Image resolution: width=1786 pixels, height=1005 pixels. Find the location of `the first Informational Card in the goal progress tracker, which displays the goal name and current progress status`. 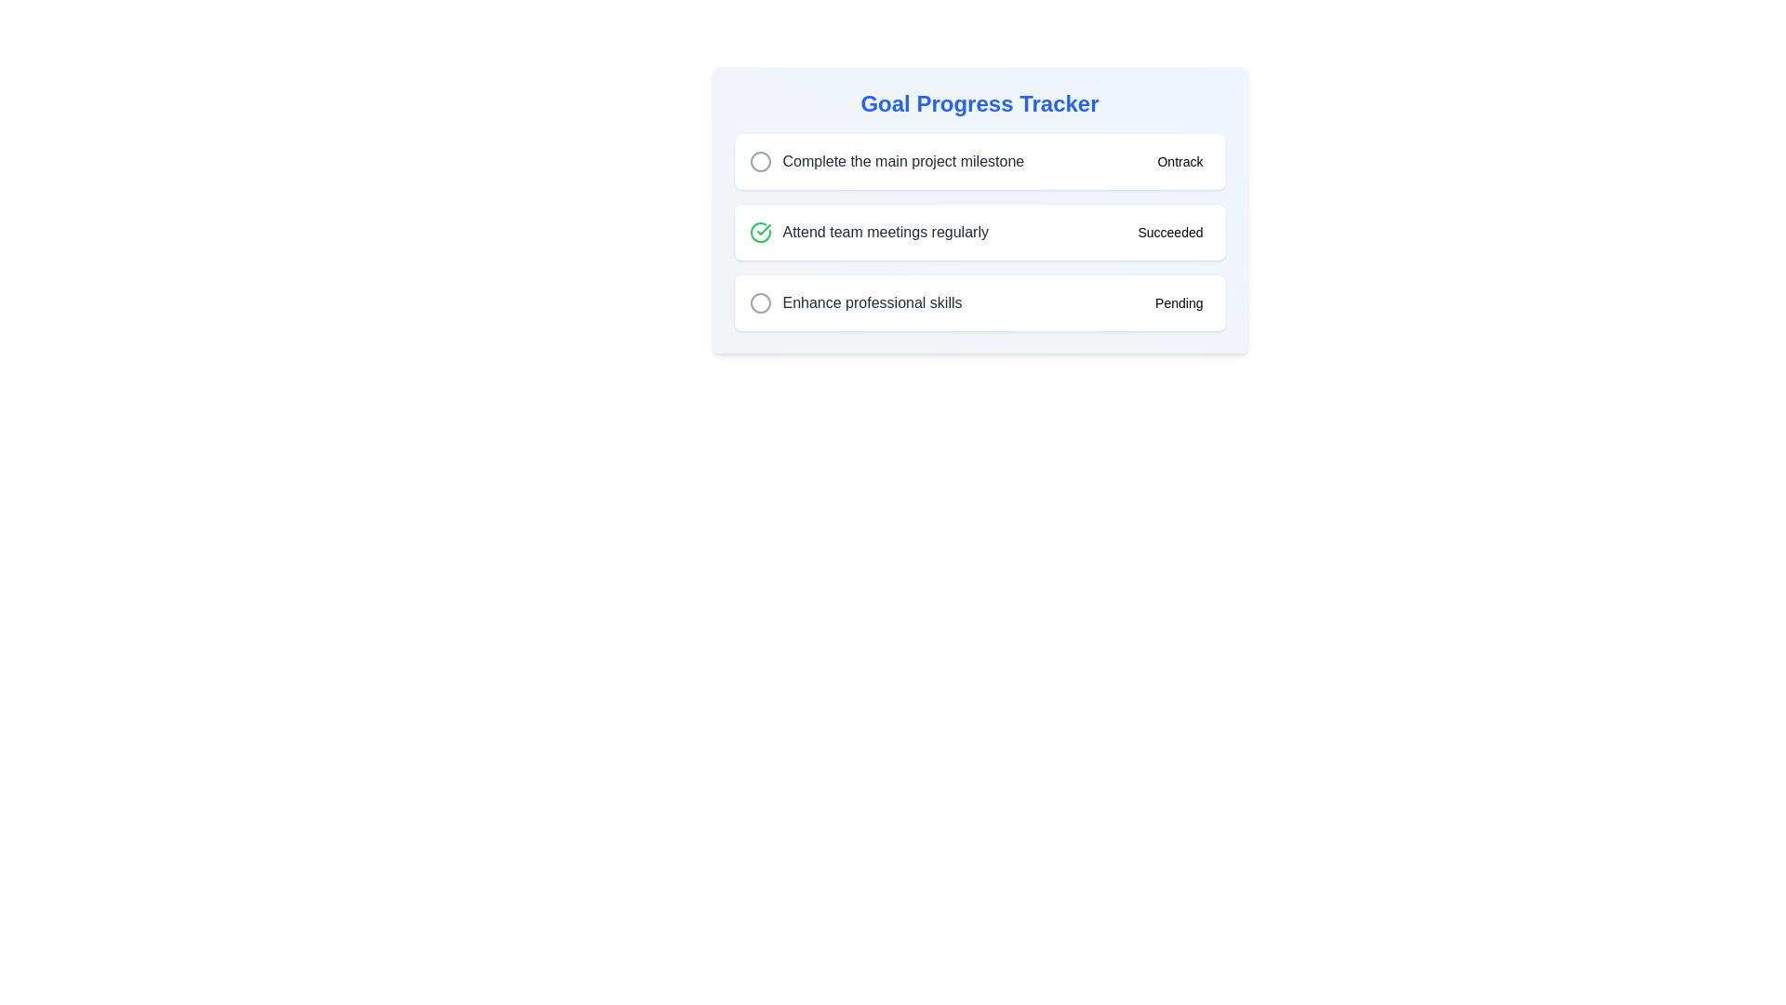

the first Informational Card in the goal progress tracker, which displays the goal name and current progress status is located at coordinates (979, 160).